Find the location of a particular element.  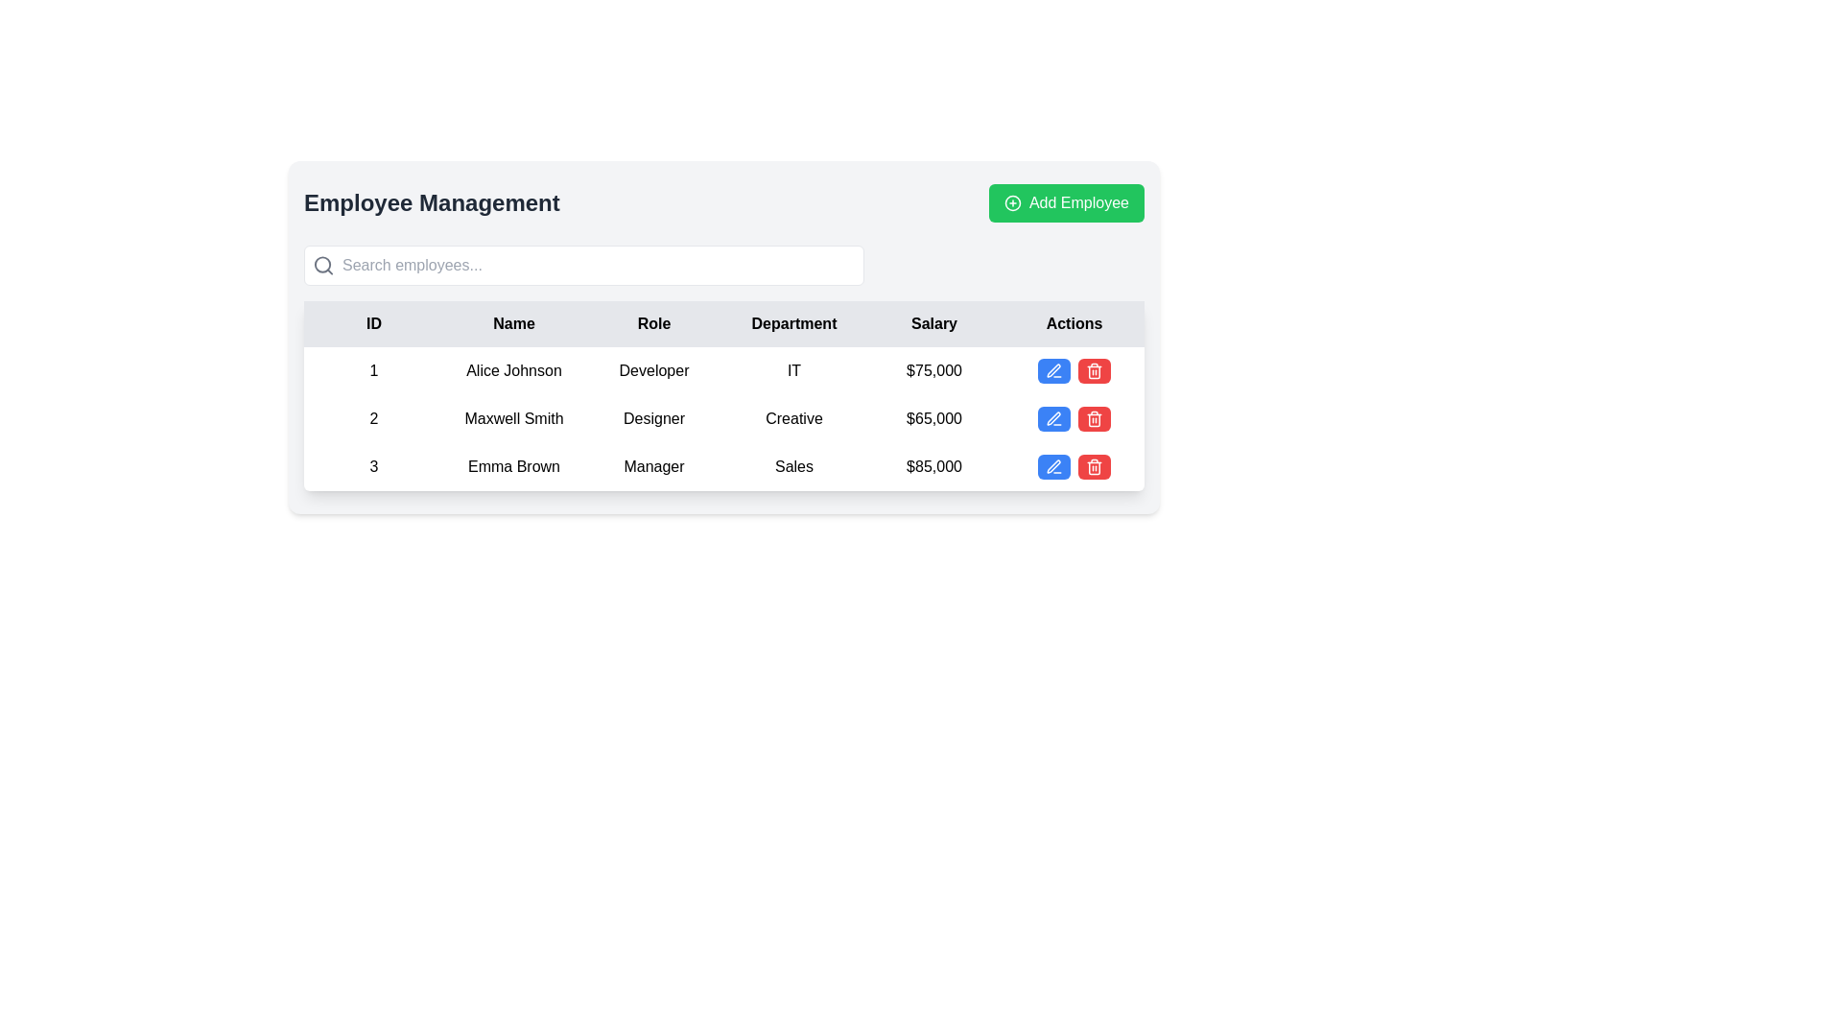

the table header cell labeled 'Salary', which is the fifth cell in the header row of the table is located at coordinates (934, 323).